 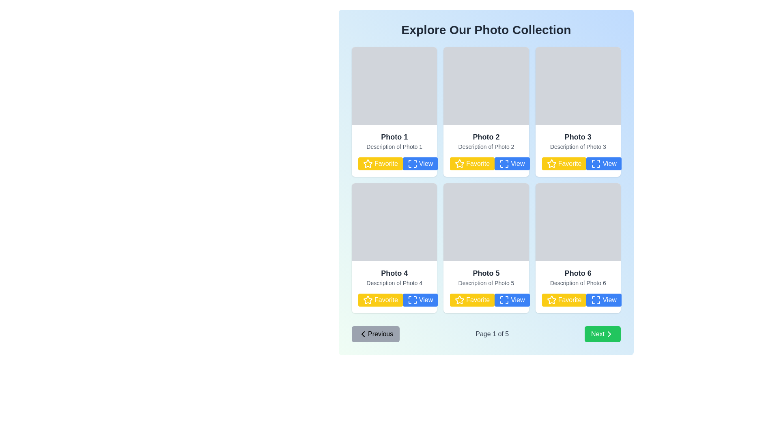 What do you see at coordinates (504, 164) in the screenshot?
I see `the SVG icon within the 'View' button for 'Photo 2'` at bounding box center [504, 164].